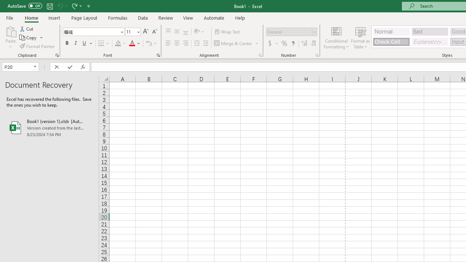 This screenshot has width=466, height=262. Describe the element at coordinates (151, 43) in the screenshot. I see `'Show Phonetic Field'` at that location.